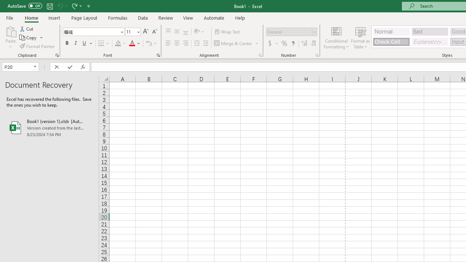 This screenshot has width=466, height=262. Describe the element at coordinates (151, 43) in the screenshot. I see `'Show Phonetic Field'` at that location.